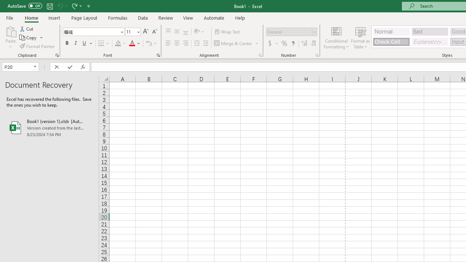 This screenshot has width=466, height=262. Describe the element at coordinates (151, 43) in the screenshot. I see `'Show Phonetic Field'` at that location.